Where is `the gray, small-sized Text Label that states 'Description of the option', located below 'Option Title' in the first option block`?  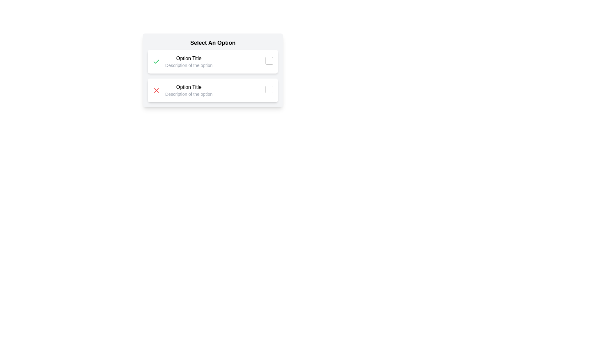
the gray, small-sized Text Label that states 'Description of the option', located below 'Option Title' in the first option block is located at coordinates (188, 65).